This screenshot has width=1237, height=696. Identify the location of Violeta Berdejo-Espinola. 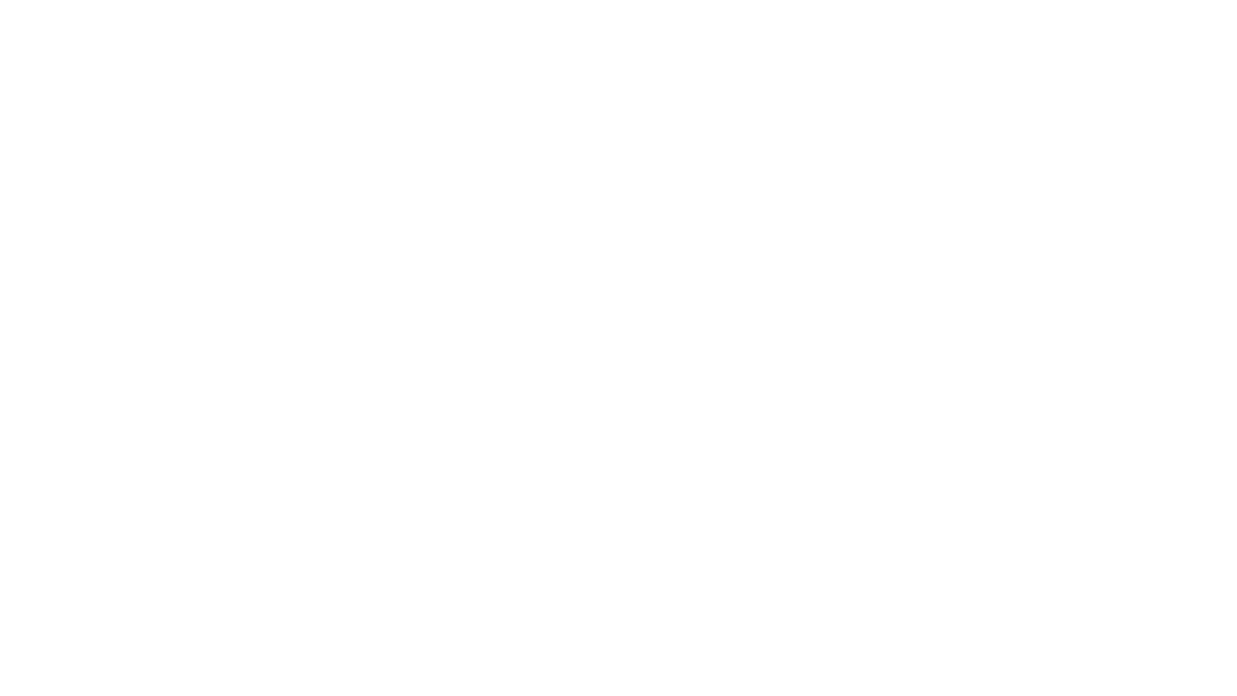
(245, 148).